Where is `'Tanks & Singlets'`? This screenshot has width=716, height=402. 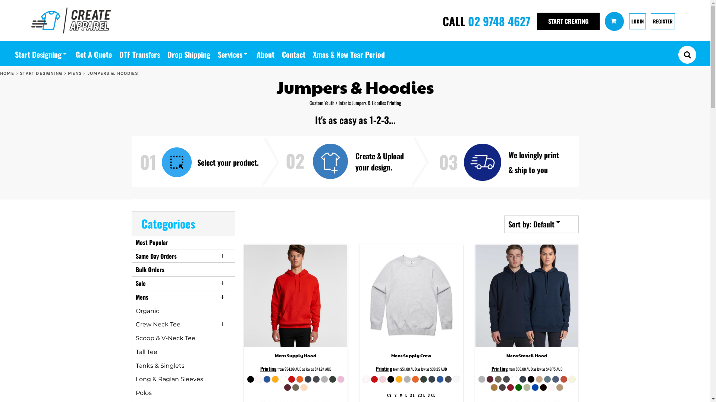 'Tanks & Singlets' is located at coordinates (160, 365).